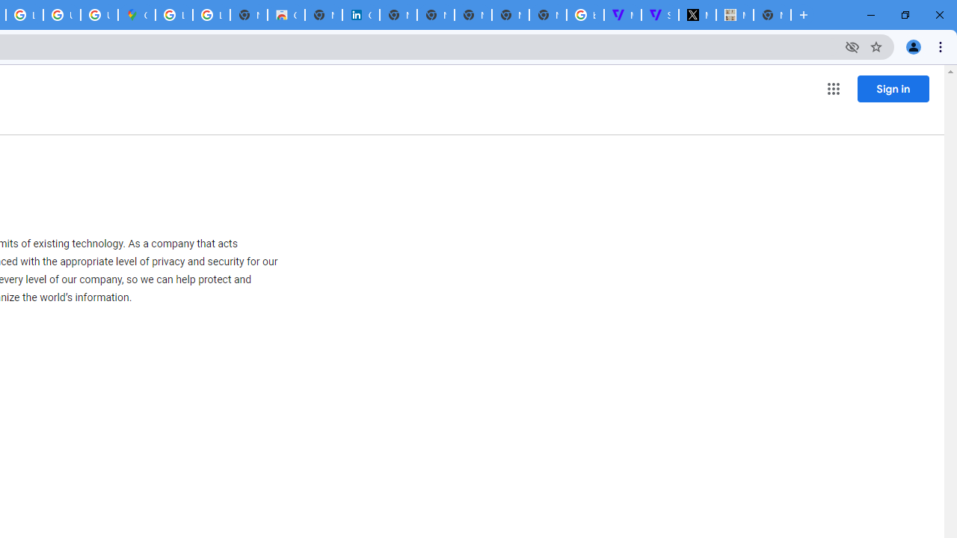  Describe the element at coordinates (286, 15) in the screenshot. I see `'Chrome Web Store'` at that location.